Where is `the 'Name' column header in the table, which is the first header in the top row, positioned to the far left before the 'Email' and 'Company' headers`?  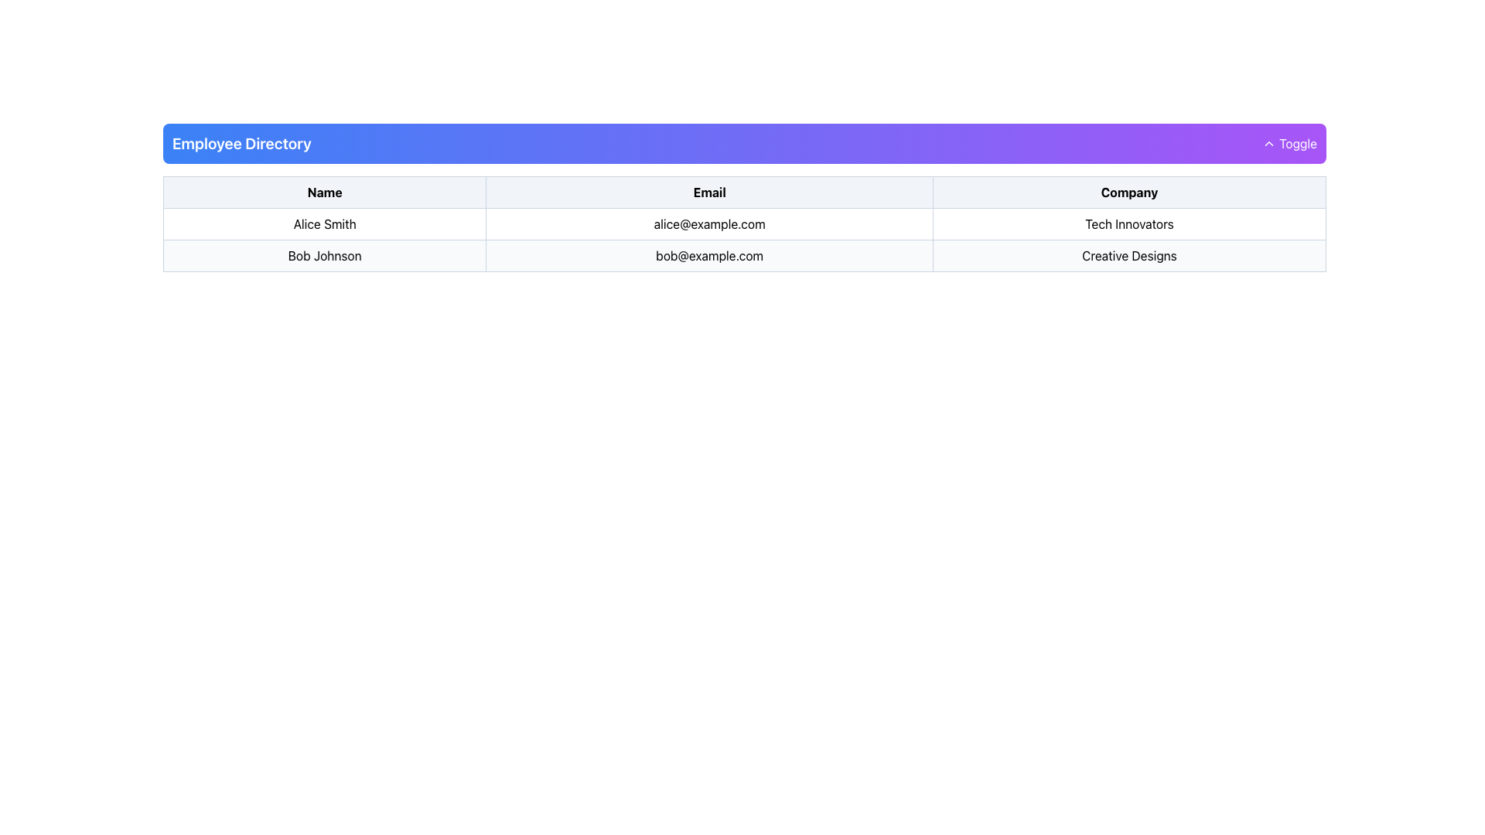
the 'Name' column header in the table, which is the first header in the top row, positioned to the far left before the 'Email' and 'Company' headers is located at coordinates (324, 192).